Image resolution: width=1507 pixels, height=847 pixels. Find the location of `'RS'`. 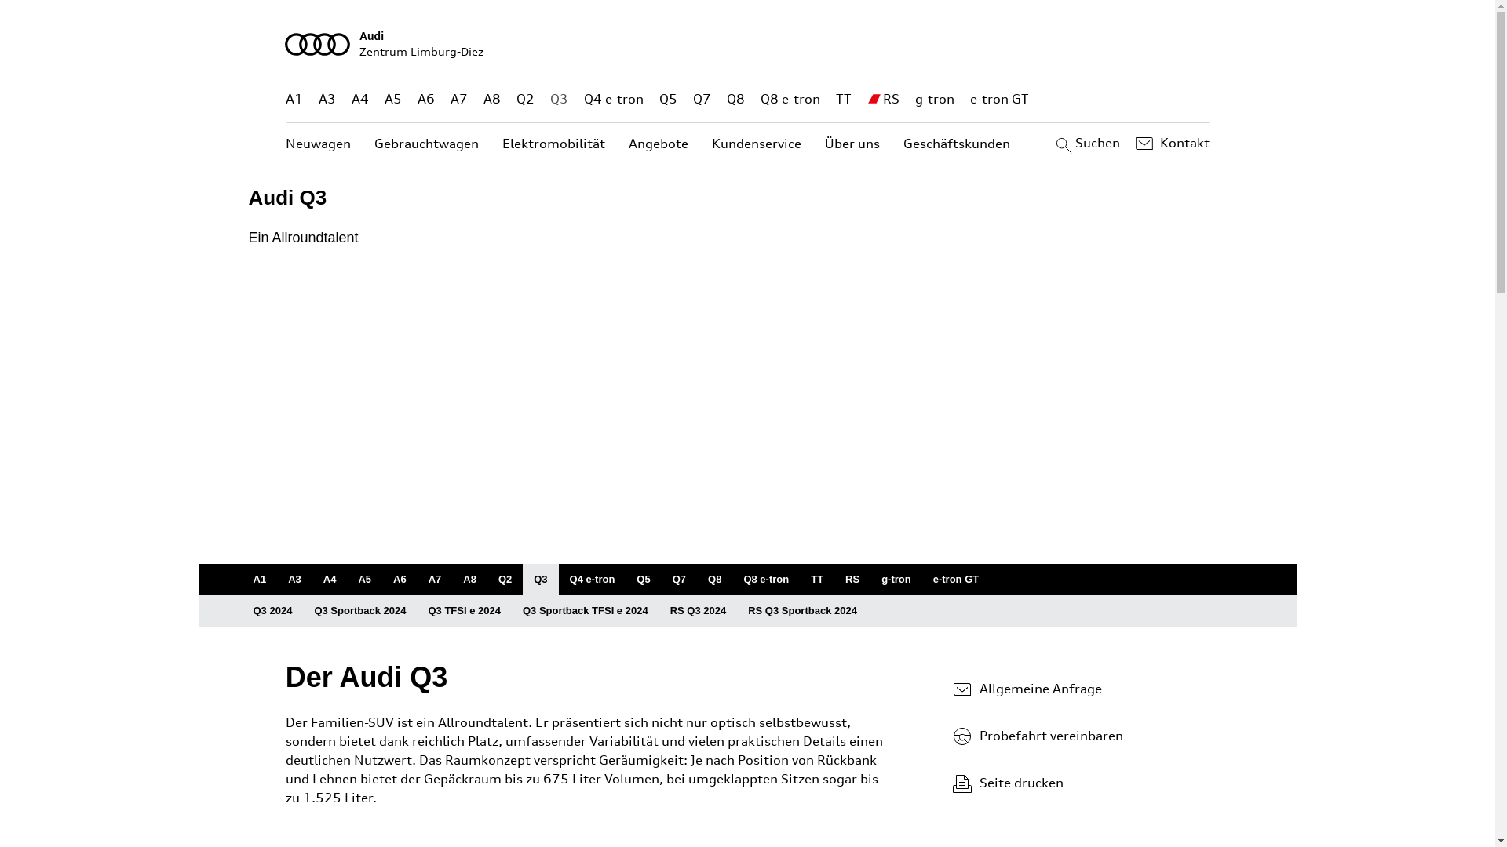

'RS' is located at coordinates (891, 99).